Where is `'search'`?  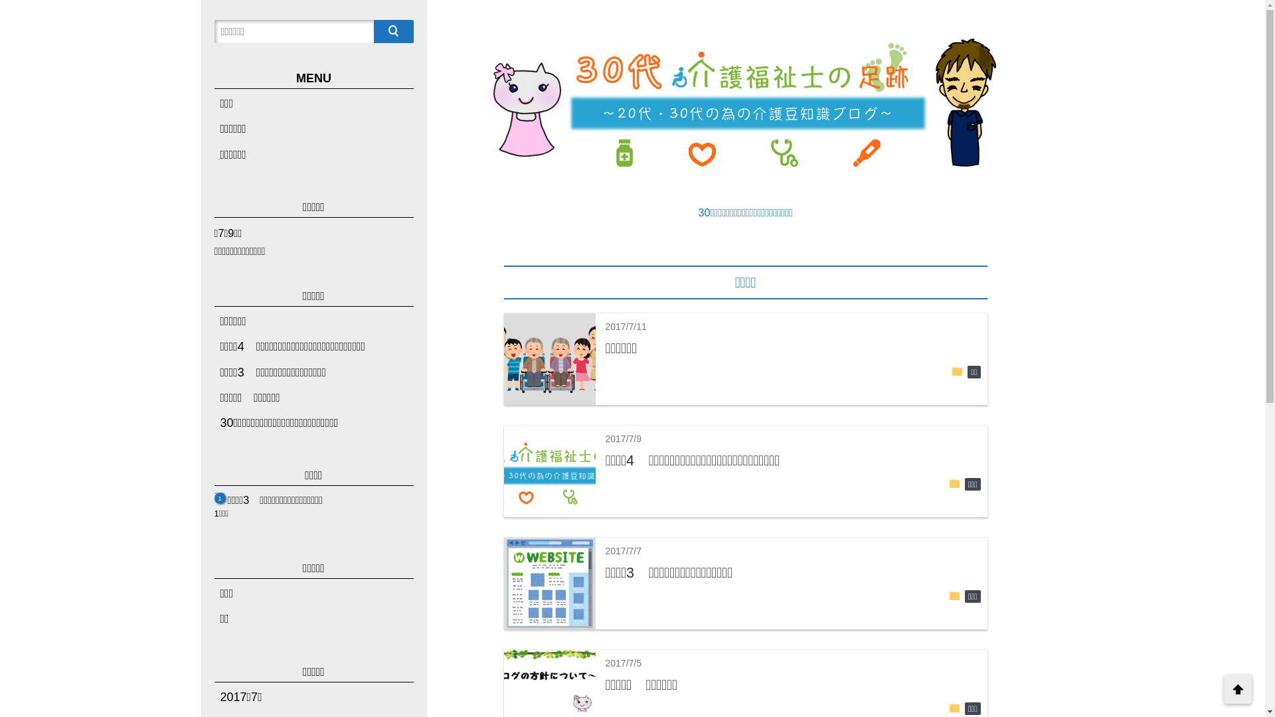 'search' is located at coordinates (392, 31).